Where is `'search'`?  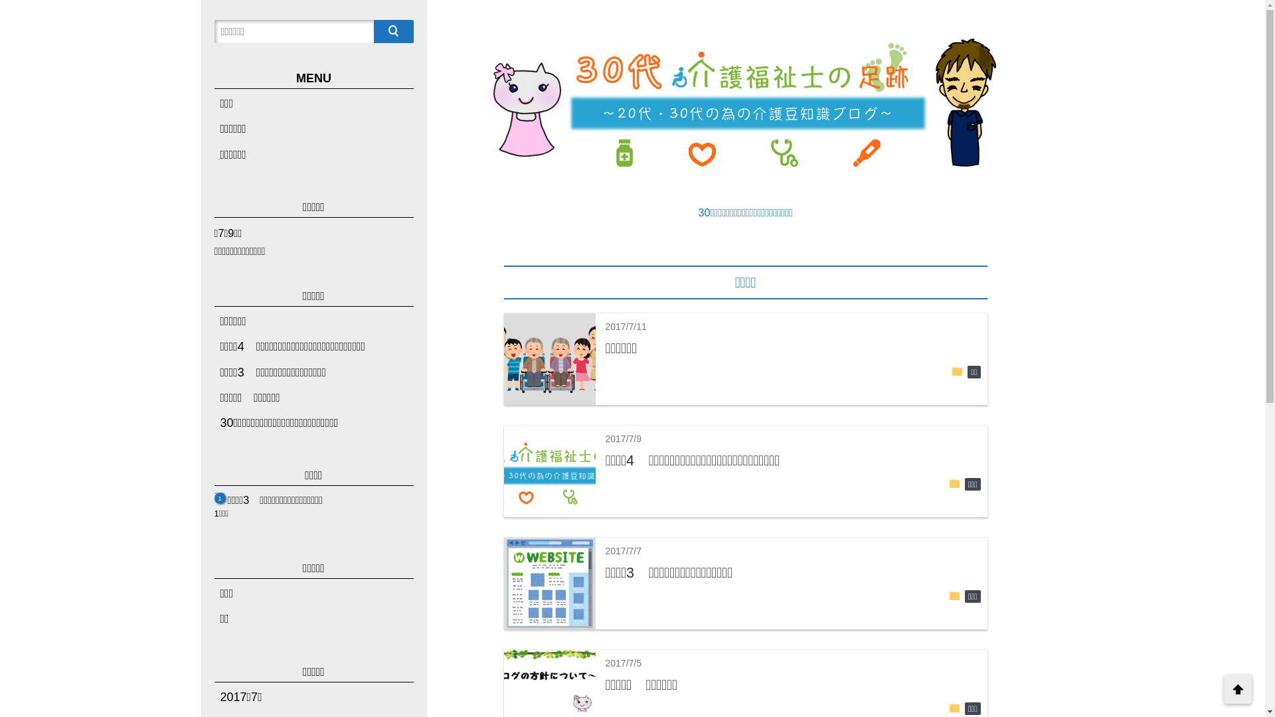 'search' is located at coordinates (392, 31).